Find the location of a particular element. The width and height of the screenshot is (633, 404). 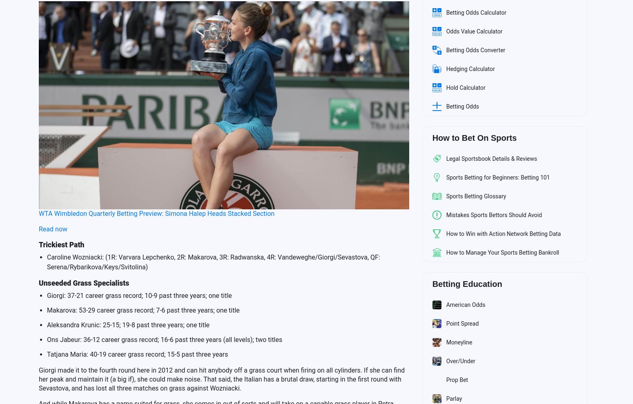

'Point Spread' is located at coordinates (461, 323).